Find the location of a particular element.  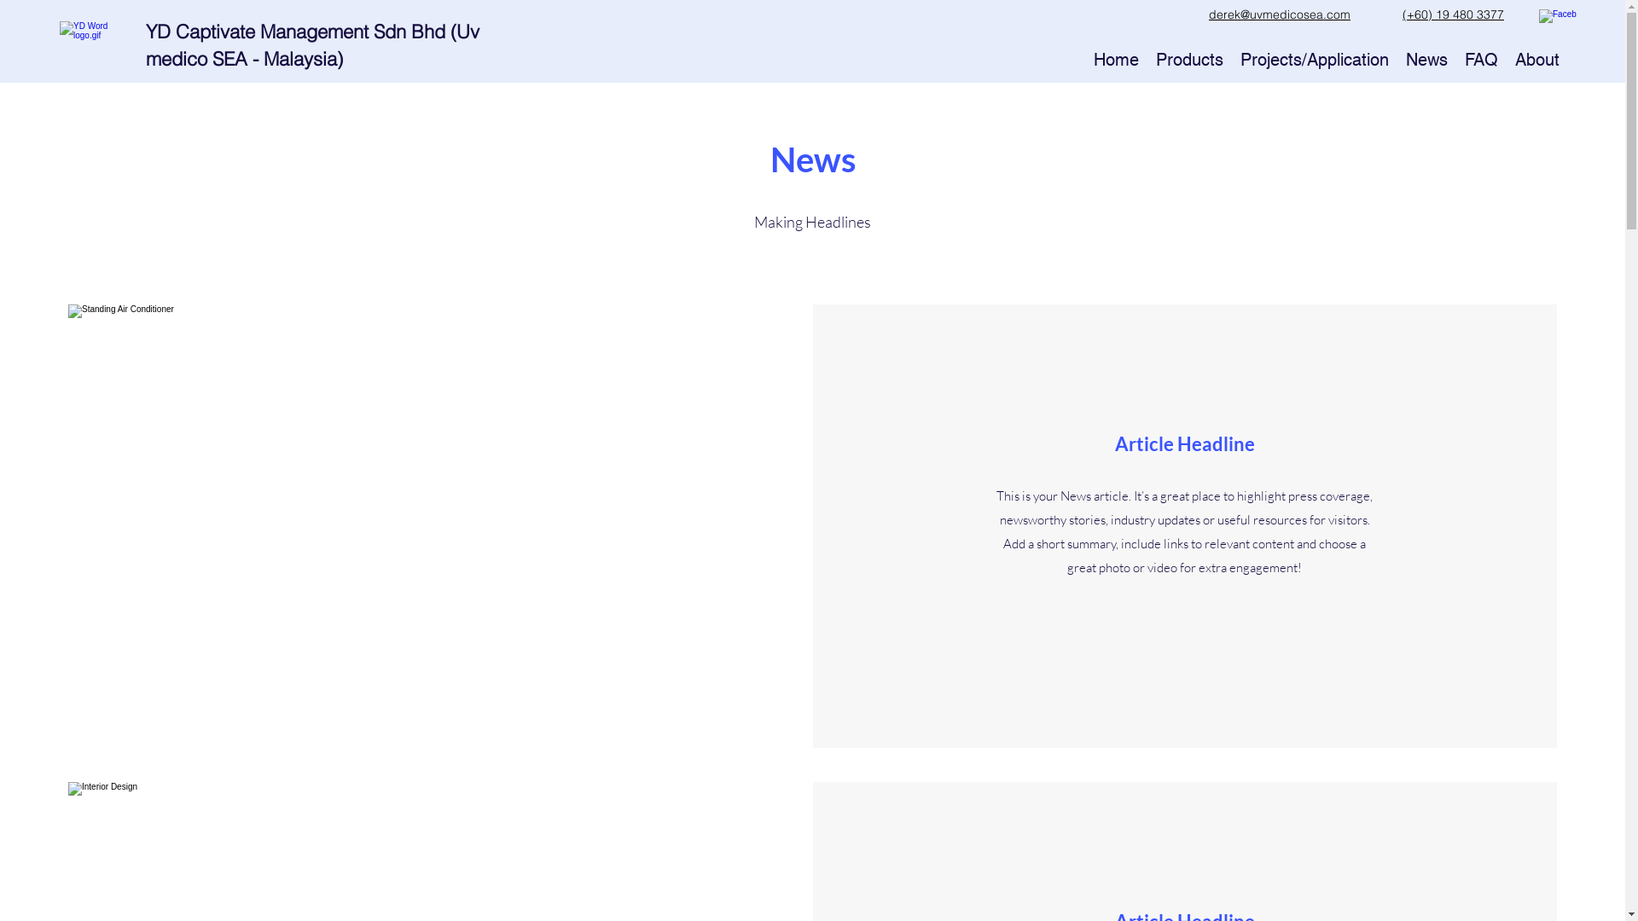

'FAQ' is located at coordinates (1480, 58).